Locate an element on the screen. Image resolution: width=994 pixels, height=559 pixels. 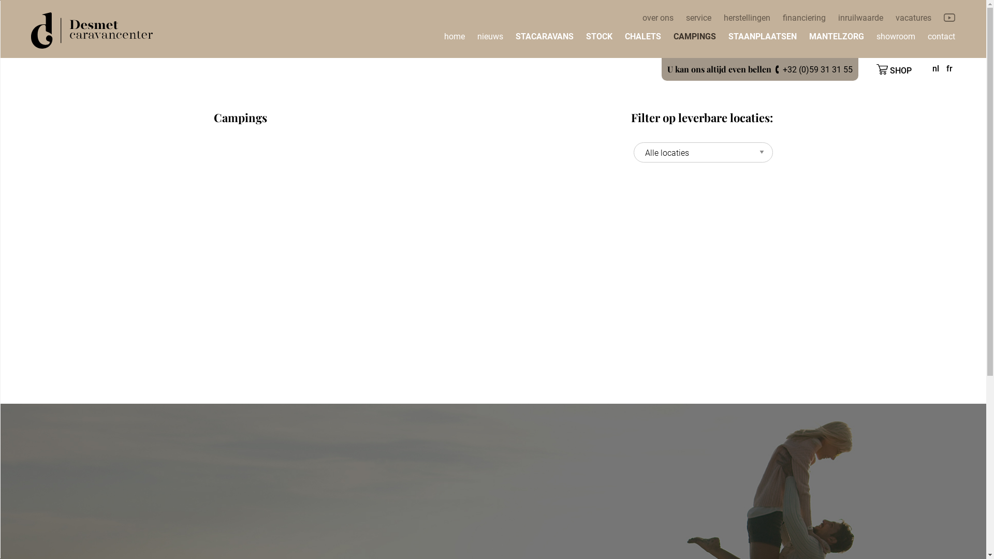
'service' is located at coordinates (698, 18).